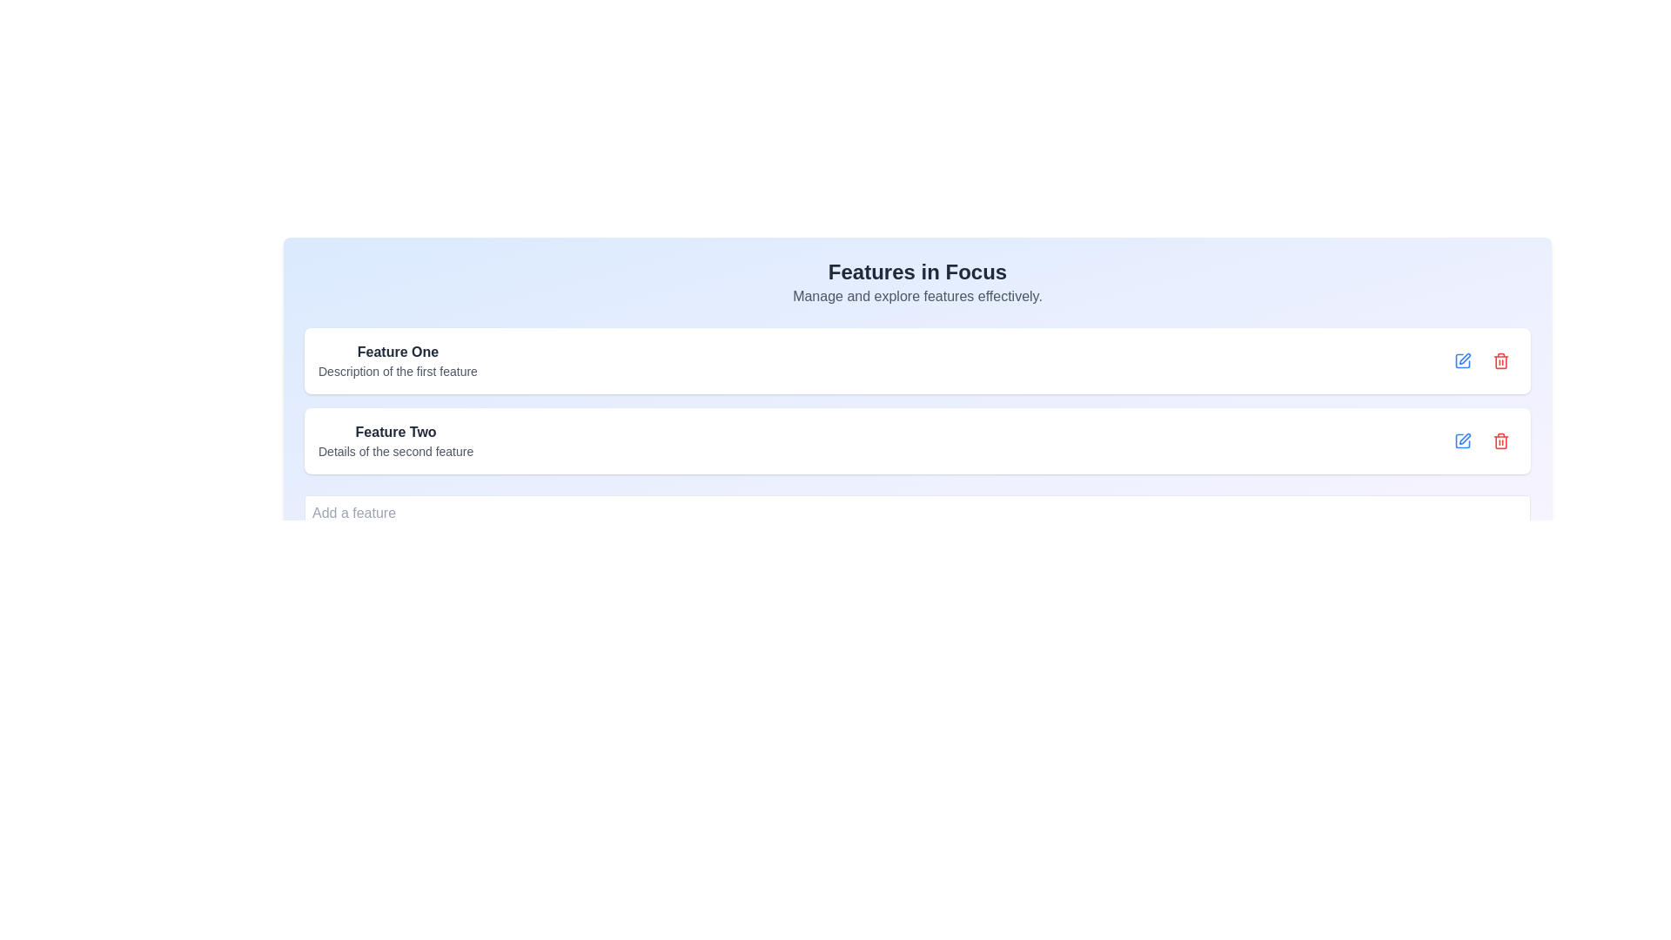 The width and height of the screenshot is (1671, 940). I want to click on the red trash icon, which is the second button in a horizontal layout next to an 'edit' icon, so click(1500, 440).